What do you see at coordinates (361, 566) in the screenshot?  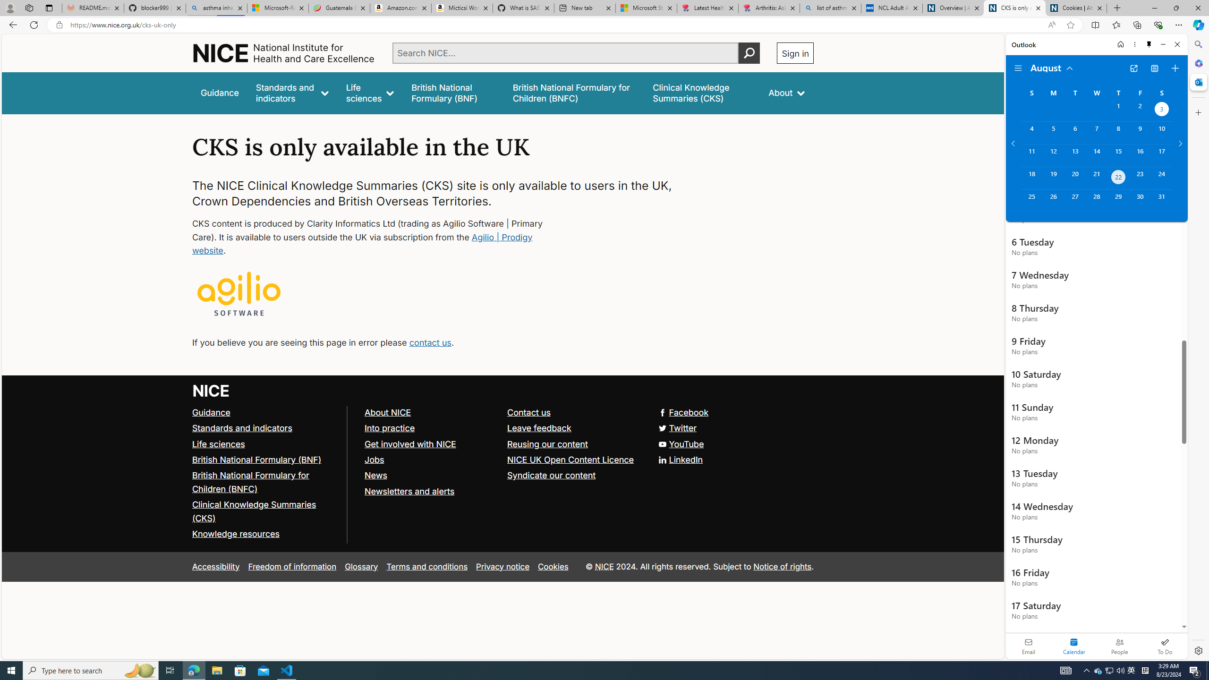 I see `'Glossary'` at bounding box center [361, 566].